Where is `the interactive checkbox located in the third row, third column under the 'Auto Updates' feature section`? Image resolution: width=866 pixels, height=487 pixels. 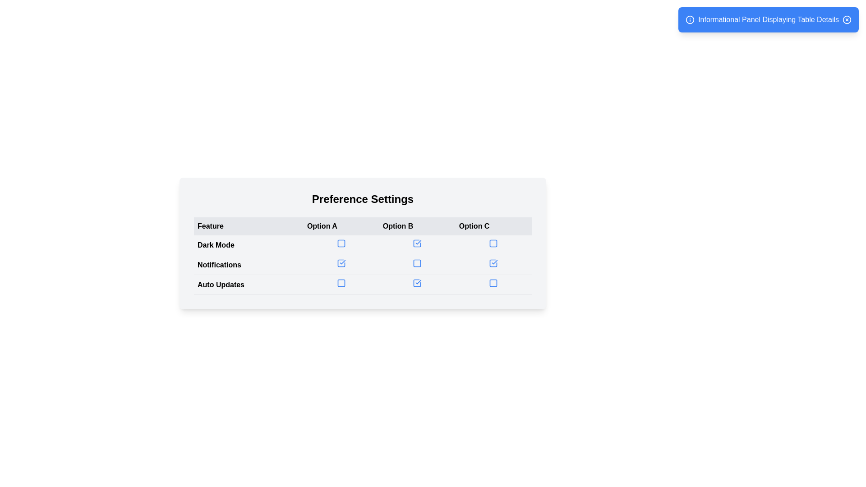 the interactive checkbox located in the third row, third column under the 'Auto Updates' feature section is located at coordinates (417, 285).